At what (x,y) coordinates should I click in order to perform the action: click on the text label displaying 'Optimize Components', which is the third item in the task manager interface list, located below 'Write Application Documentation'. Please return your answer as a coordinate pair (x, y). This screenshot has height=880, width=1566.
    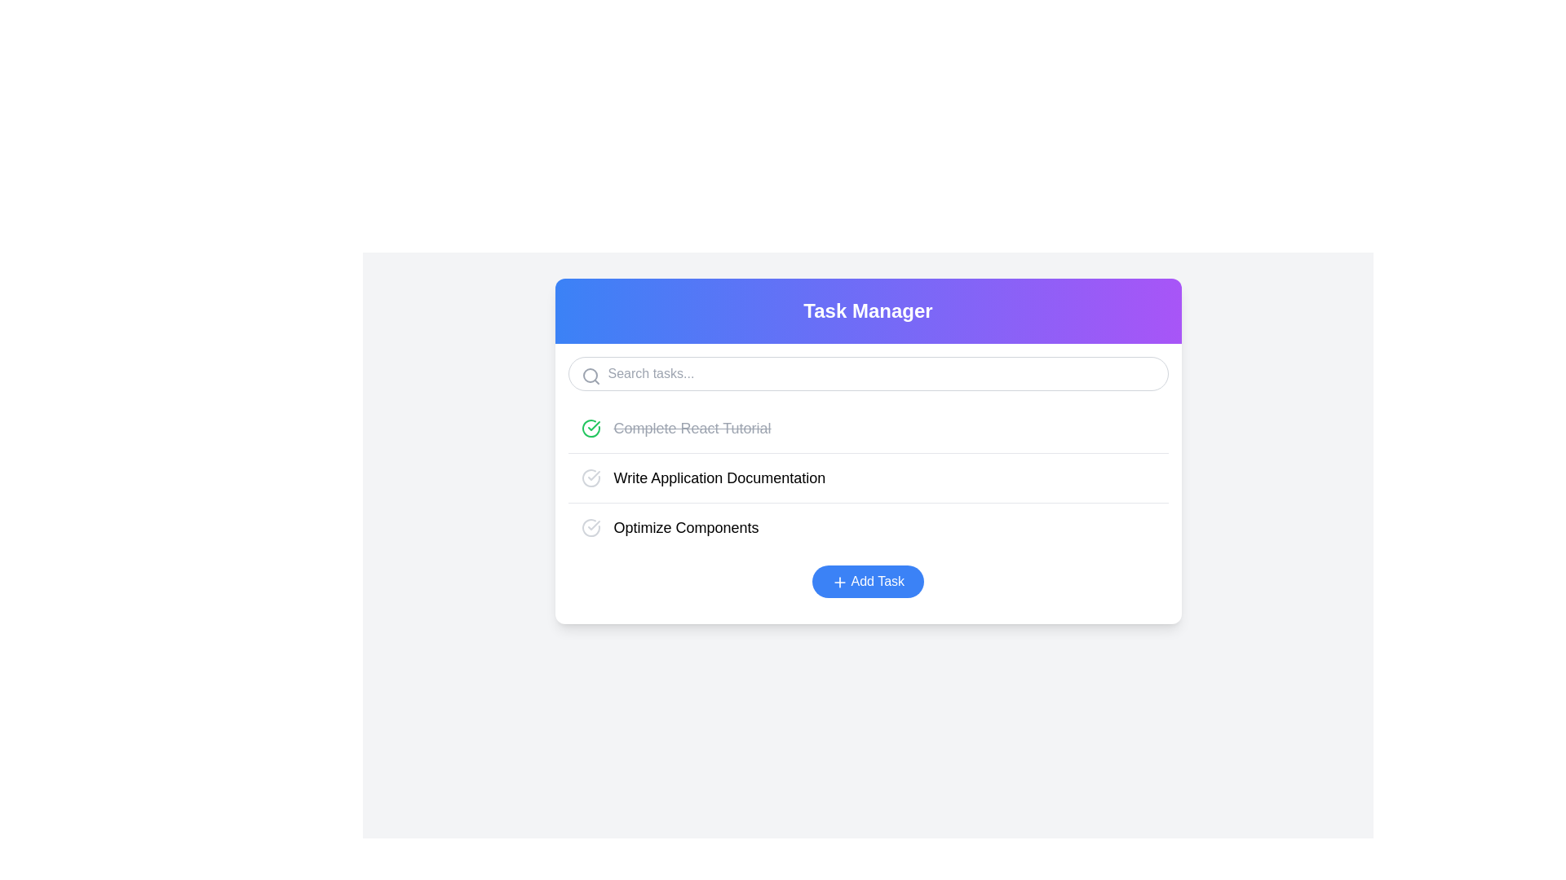
    Looking at the image, I should click on (686, 528).